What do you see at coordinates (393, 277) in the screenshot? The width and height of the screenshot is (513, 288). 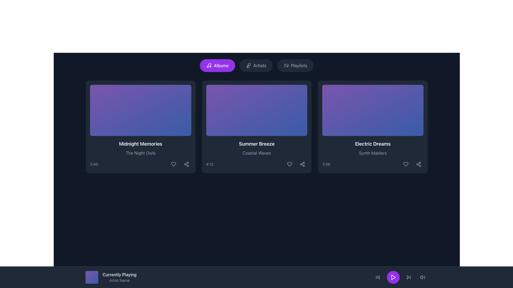 I see `the play button located at the center of the purple rounded button at the bottom center of the interface to initiate playback functionality` at bounding box center [393, 277].